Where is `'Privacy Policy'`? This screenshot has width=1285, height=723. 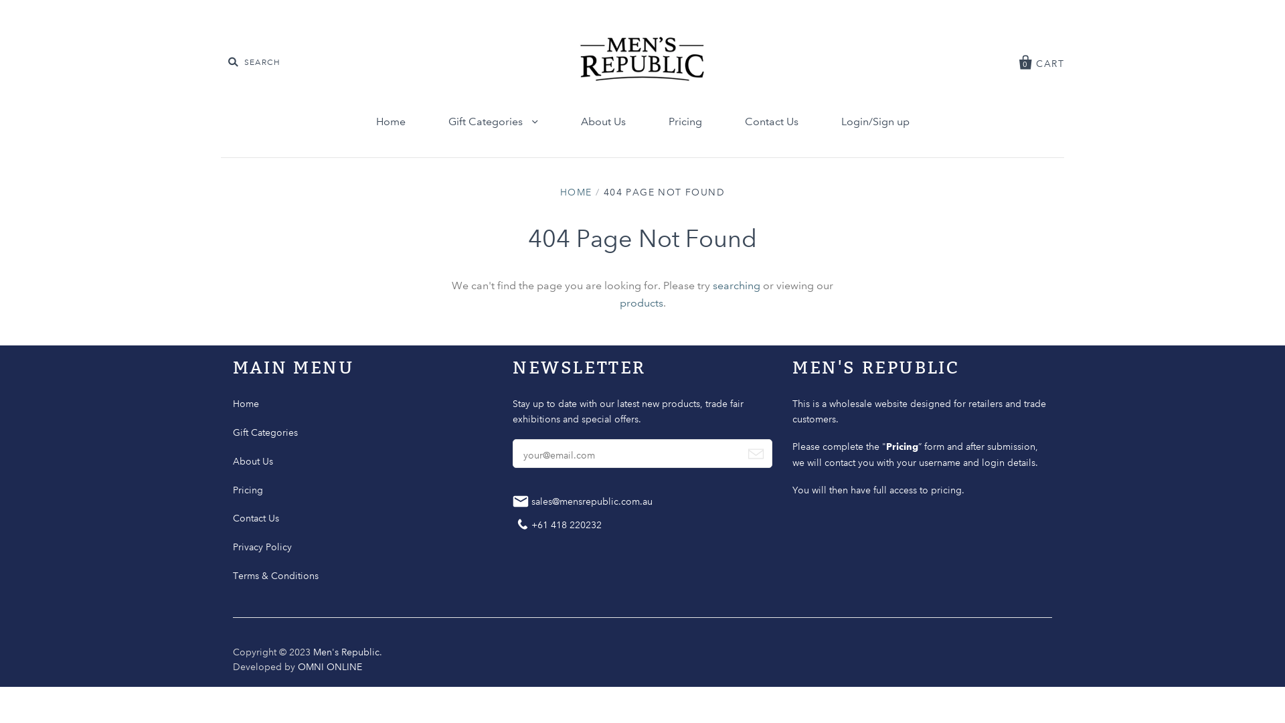 'Privacy Policy' is located at coordinates (262, 547).